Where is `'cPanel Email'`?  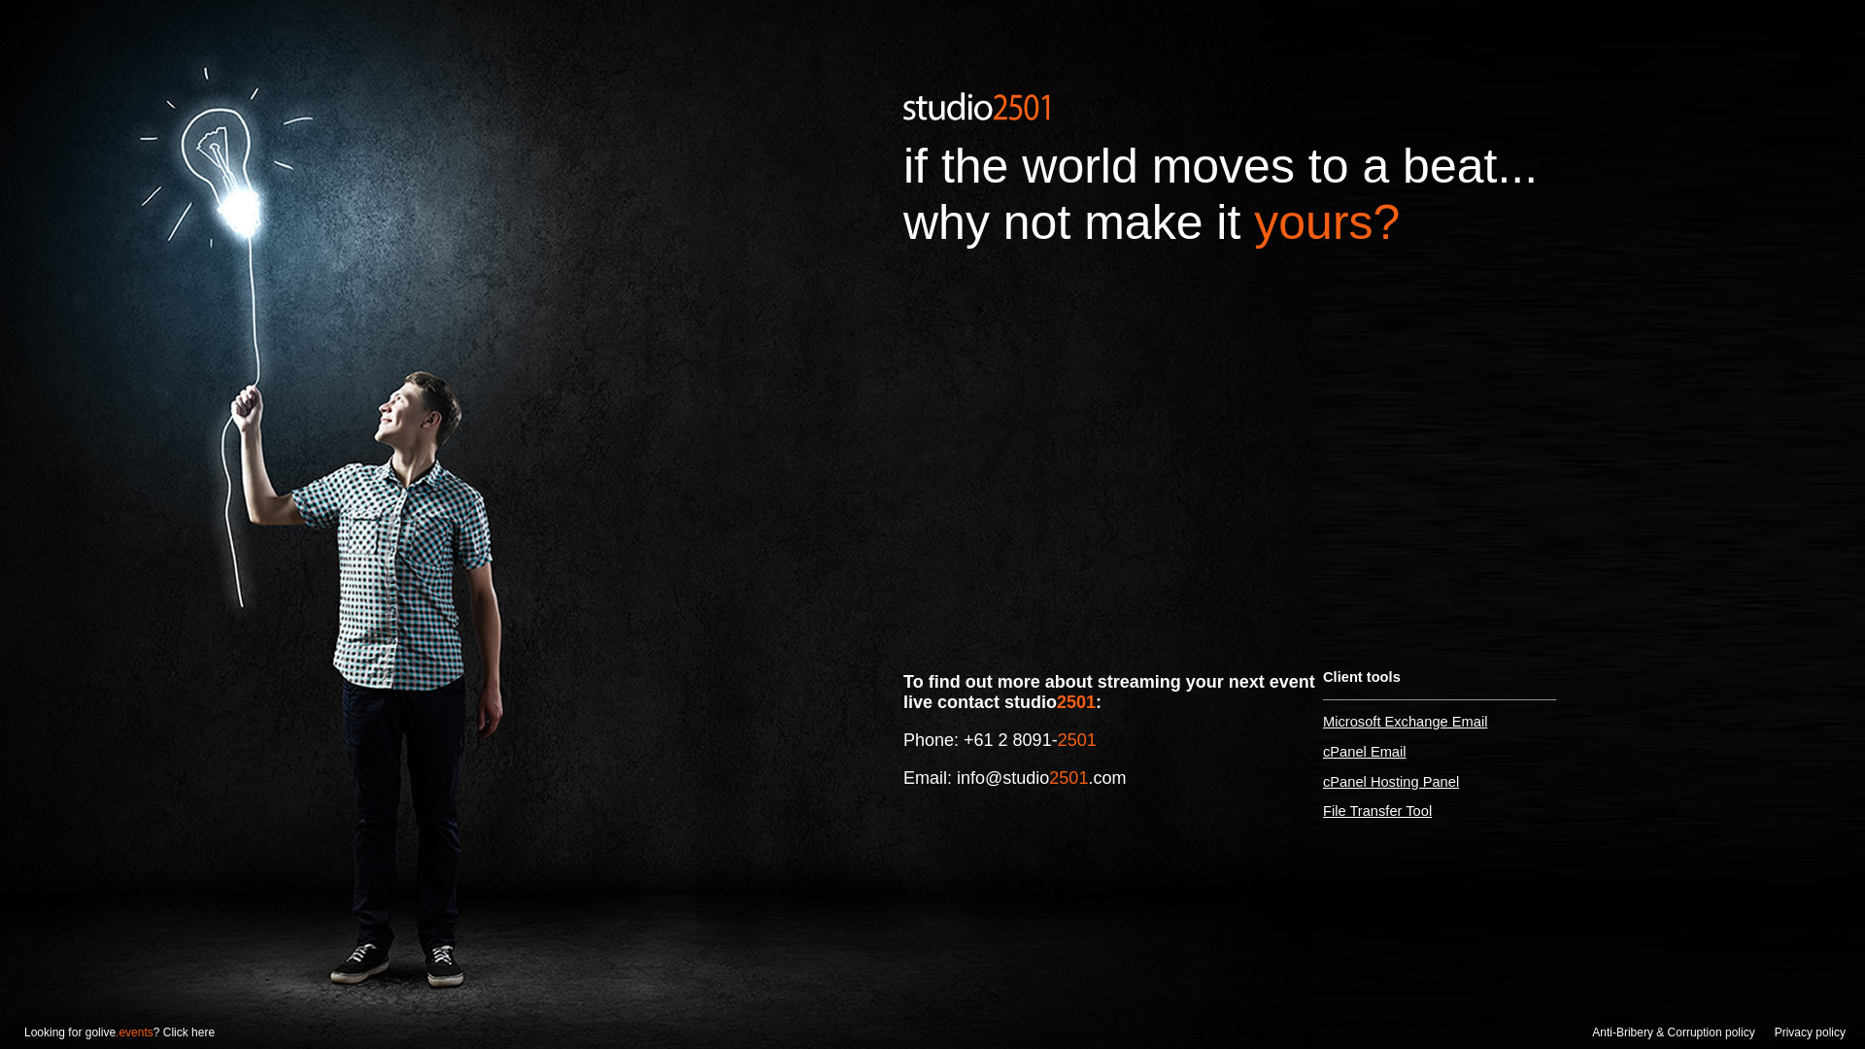 'cPanel Email' is located at coordinates (1322, 751).